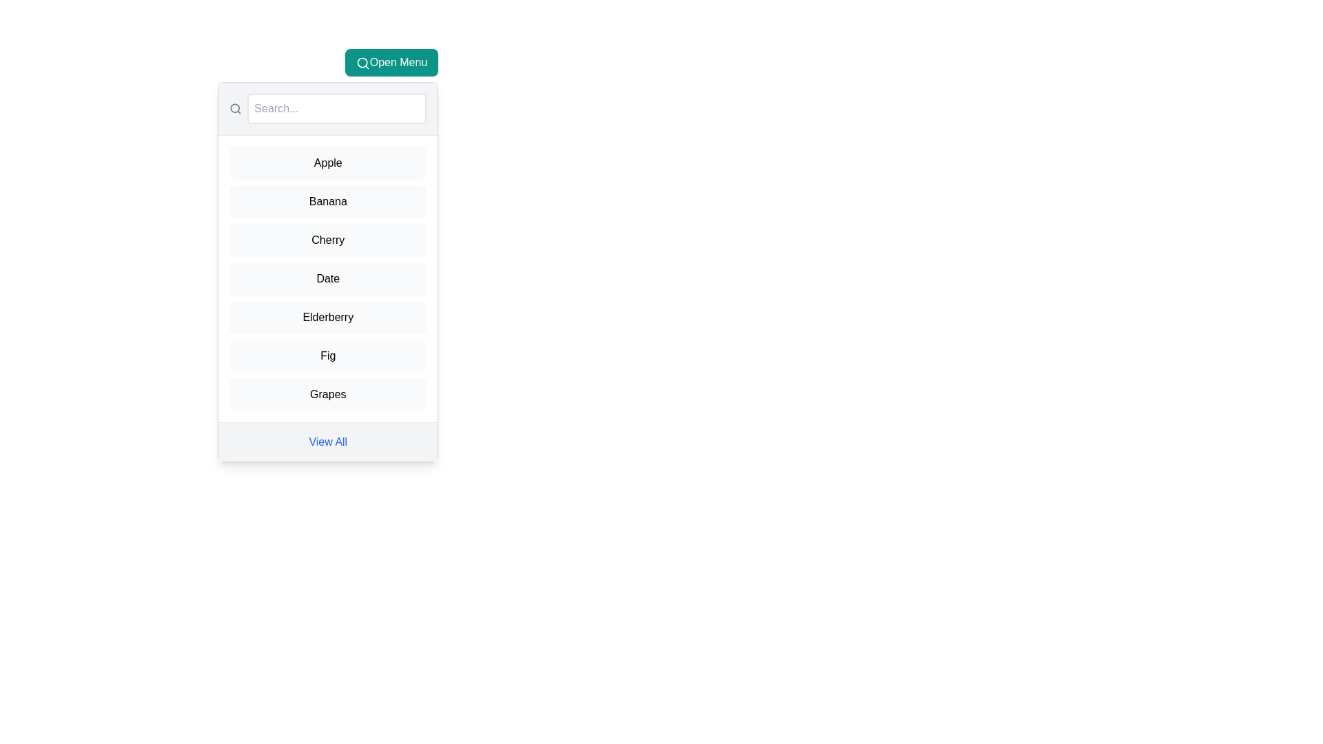 The height and width of the screenshot is (744, 1323). Describe the element at coordinates (362, 62) in the screenshot. I see `the inner circle of the magnifying glass icon located to the left side of the search input bar at the top of the dropdown menu interface` at that location.